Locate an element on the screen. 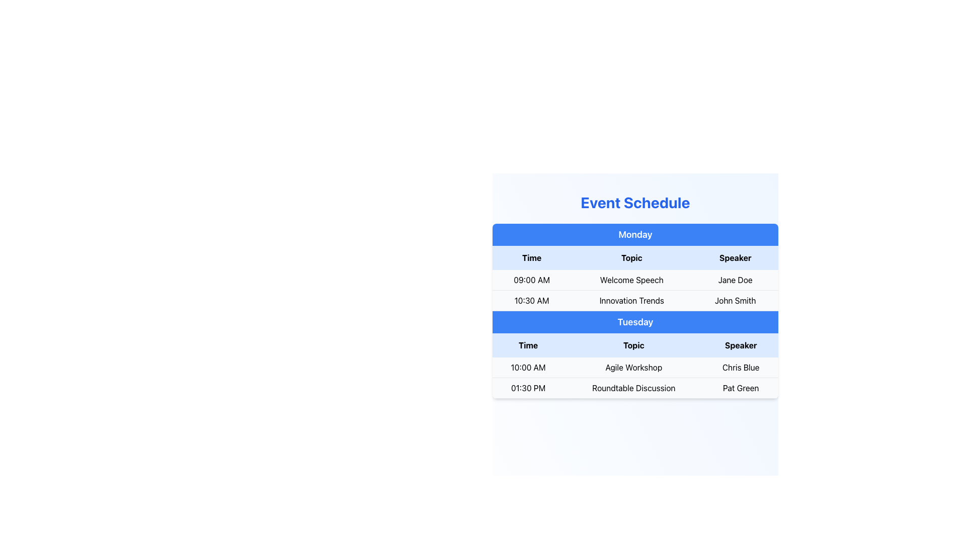 This screenshot has height=543, width=966. the second table in the 'Tuesday' section, which displays event information with headers 'Time', 'Topic', and 'Speaker' is located at coordinates (634, 366).